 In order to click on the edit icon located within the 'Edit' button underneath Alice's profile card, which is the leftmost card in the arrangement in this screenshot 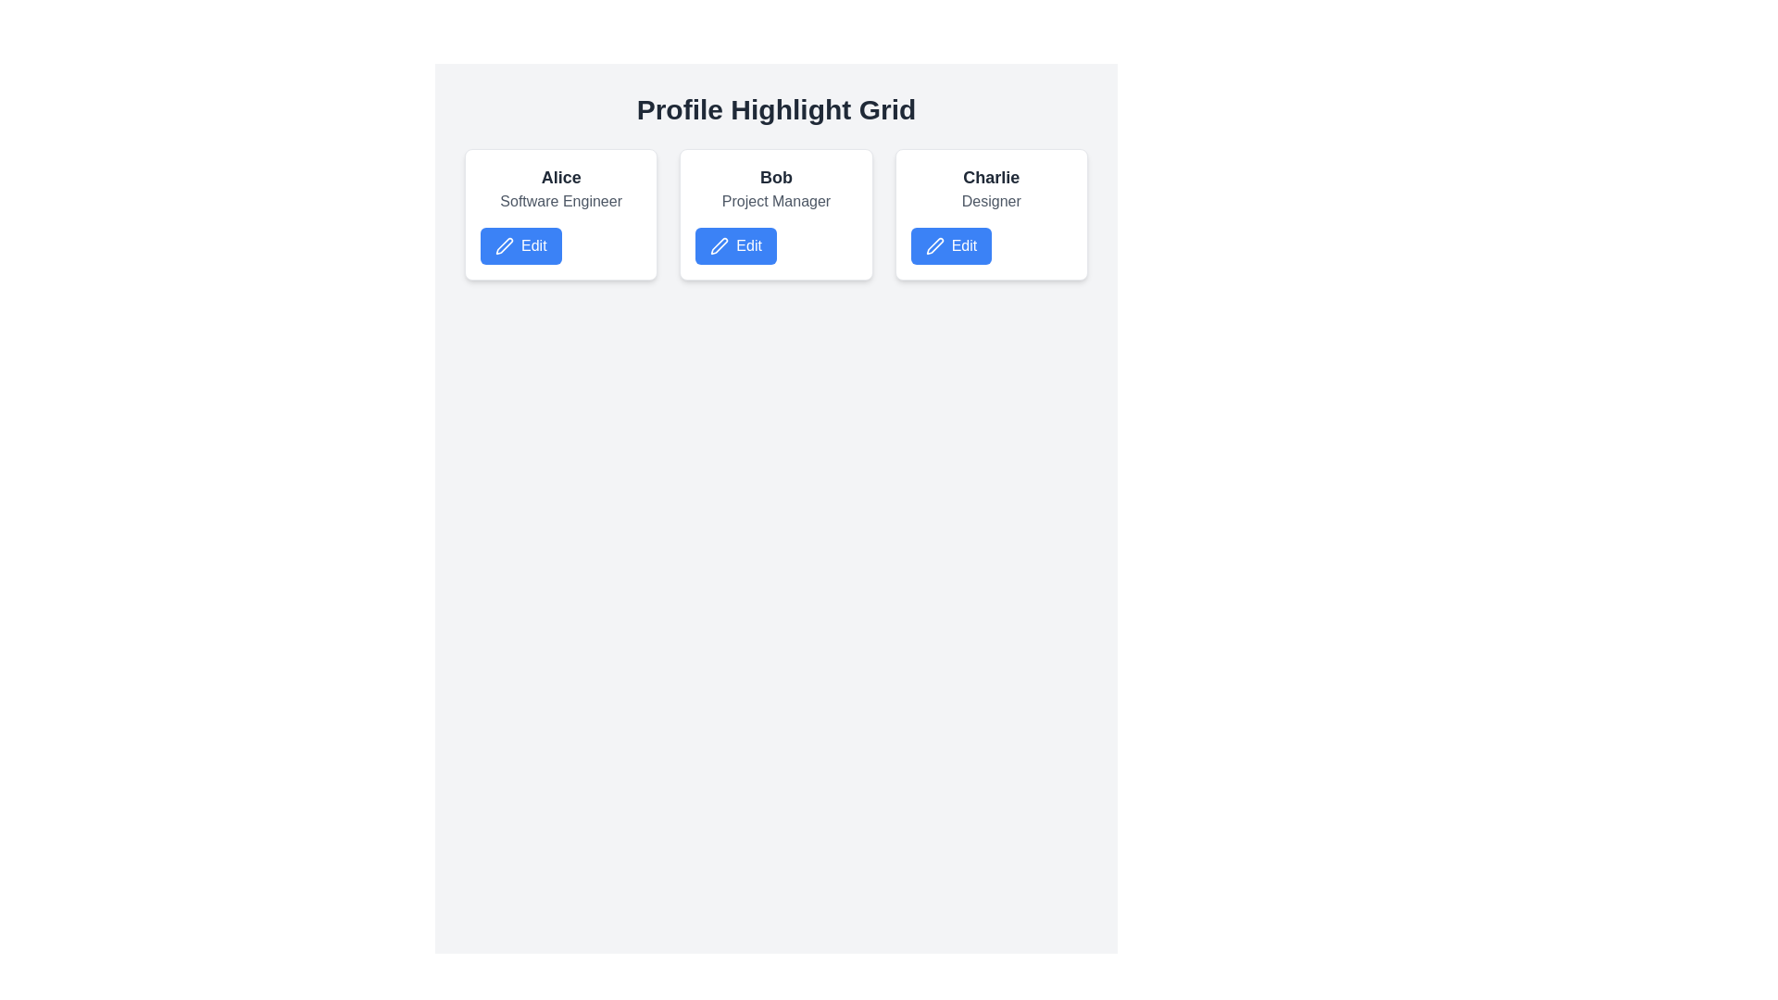, I will do `click(505, 245)`.